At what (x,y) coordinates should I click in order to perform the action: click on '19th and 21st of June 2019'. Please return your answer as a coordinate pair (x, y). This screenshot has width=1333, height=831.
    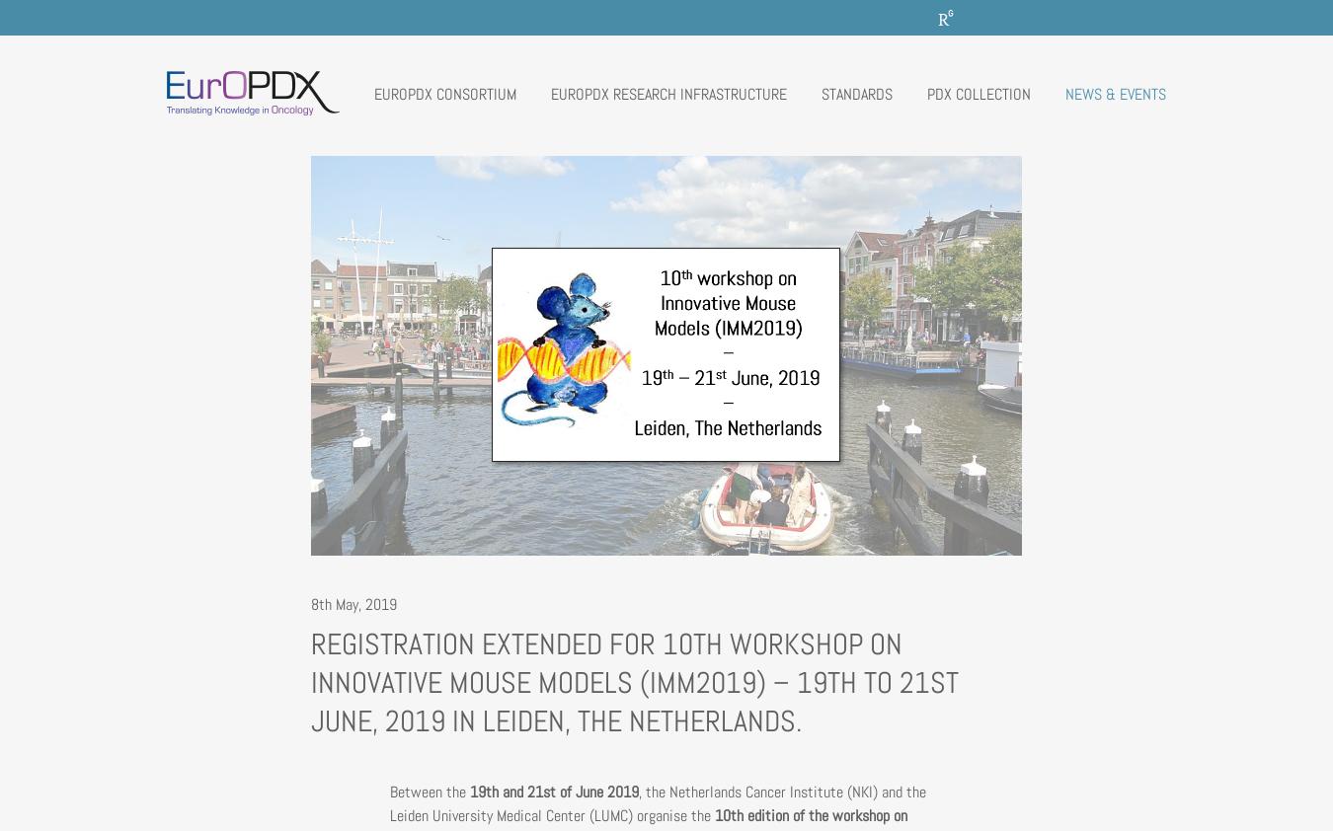
    Looking at the image, I should click on (469, 791).